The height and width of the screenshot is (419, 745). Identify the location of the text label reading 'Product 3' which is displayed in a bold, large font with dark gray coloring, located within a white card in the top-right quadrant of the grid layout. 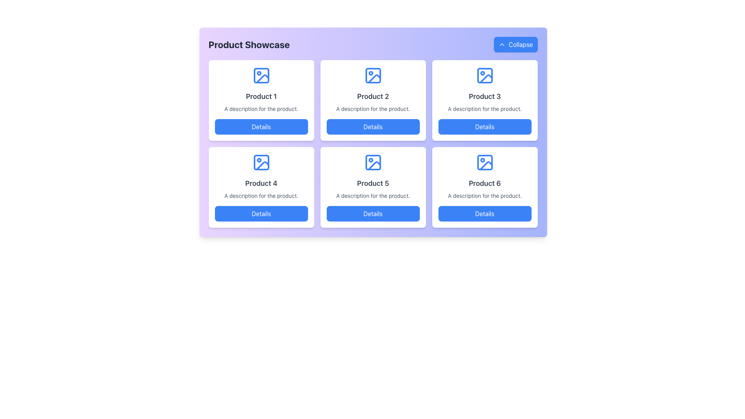
(484, 96).